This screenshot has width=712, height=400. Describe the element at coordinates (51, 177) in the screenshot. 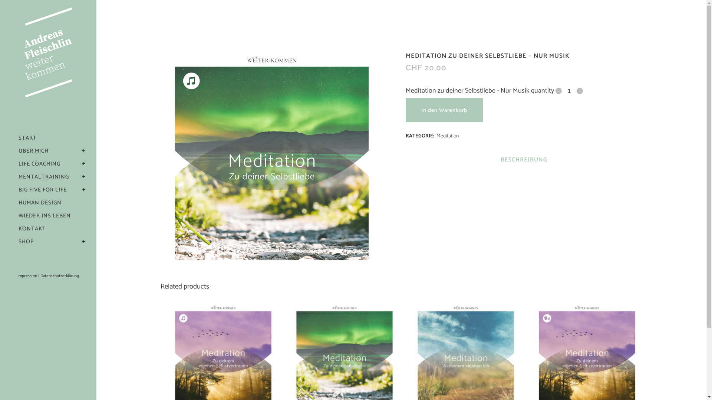

I see `'MENTALTRAINING'` at that location.